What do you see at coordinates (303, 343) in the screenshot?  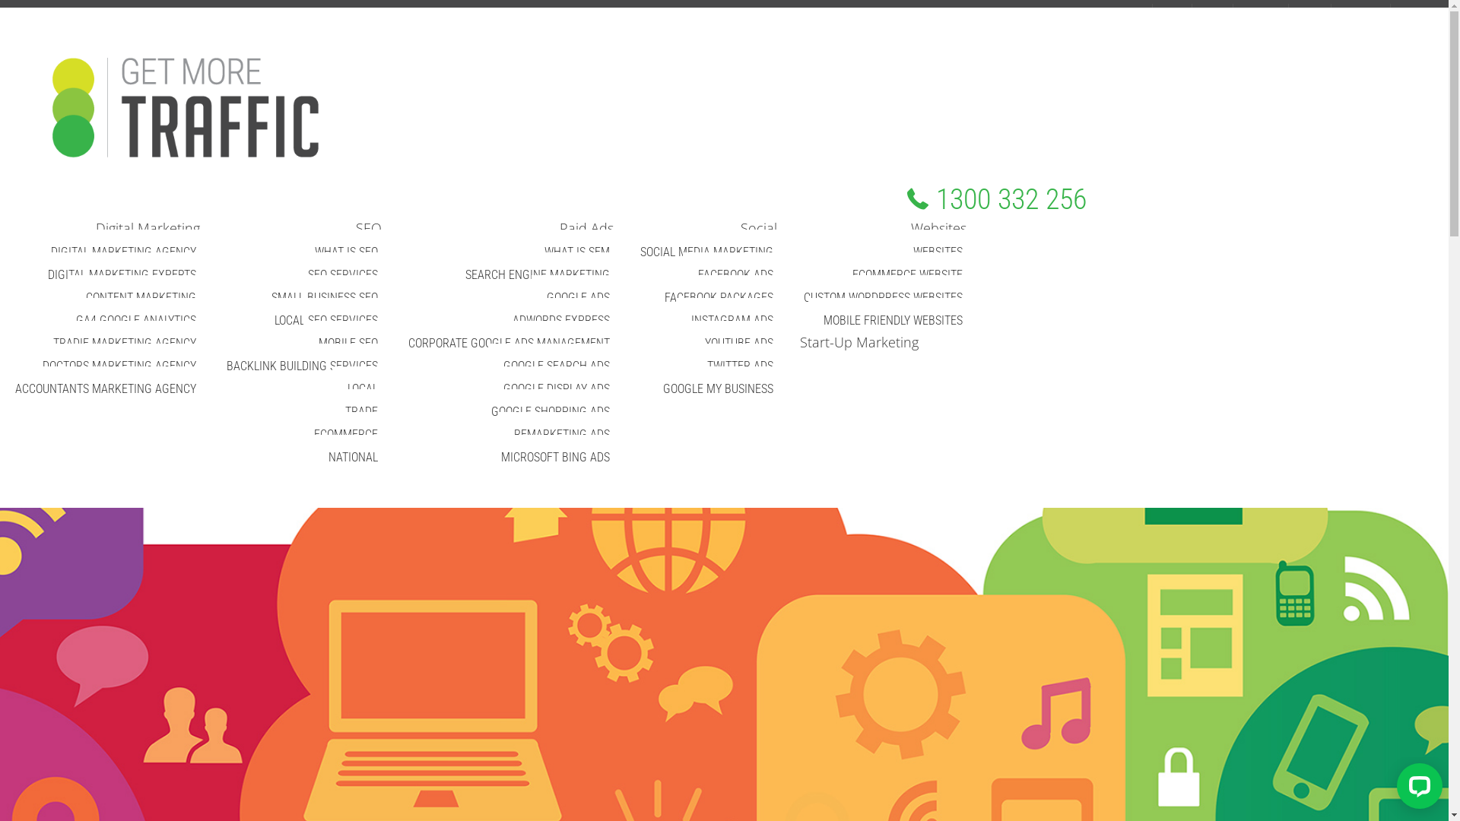 I see `'MOBILE SEO'` at bounding box center [303, 343].